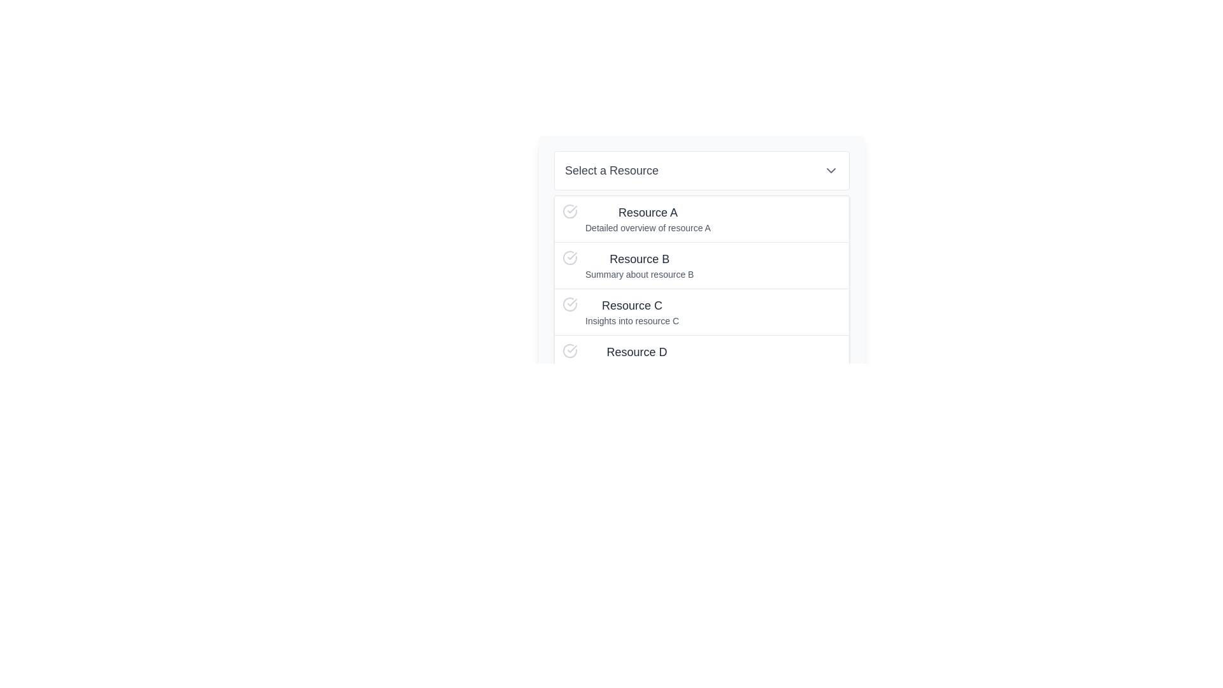  What do you see at coordinates (648, 218) in the screenshot?
I see `text displayed as the title and overview of 'Resource A', which is located immediately below the 'Select a Resource' dropdown menu in a vertical list of resources` at bounding box center [648, 218].